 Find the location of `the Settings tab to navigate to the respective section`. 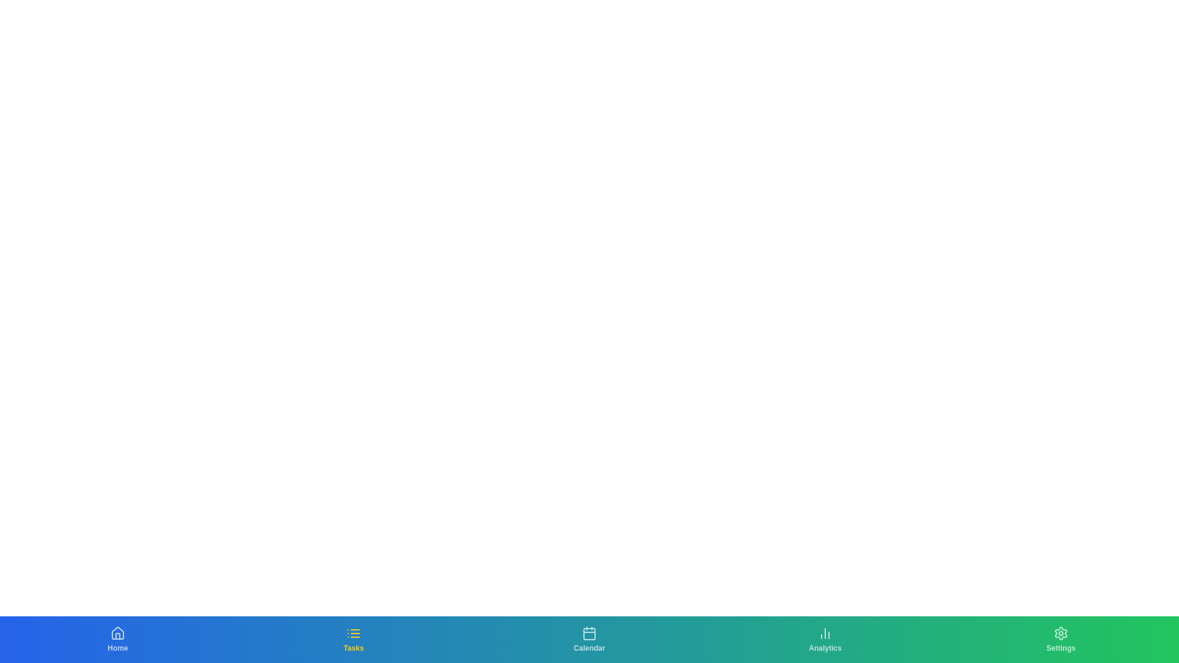

the Settings tab to navigate to the respective section is located at coordinates (1060, 638).